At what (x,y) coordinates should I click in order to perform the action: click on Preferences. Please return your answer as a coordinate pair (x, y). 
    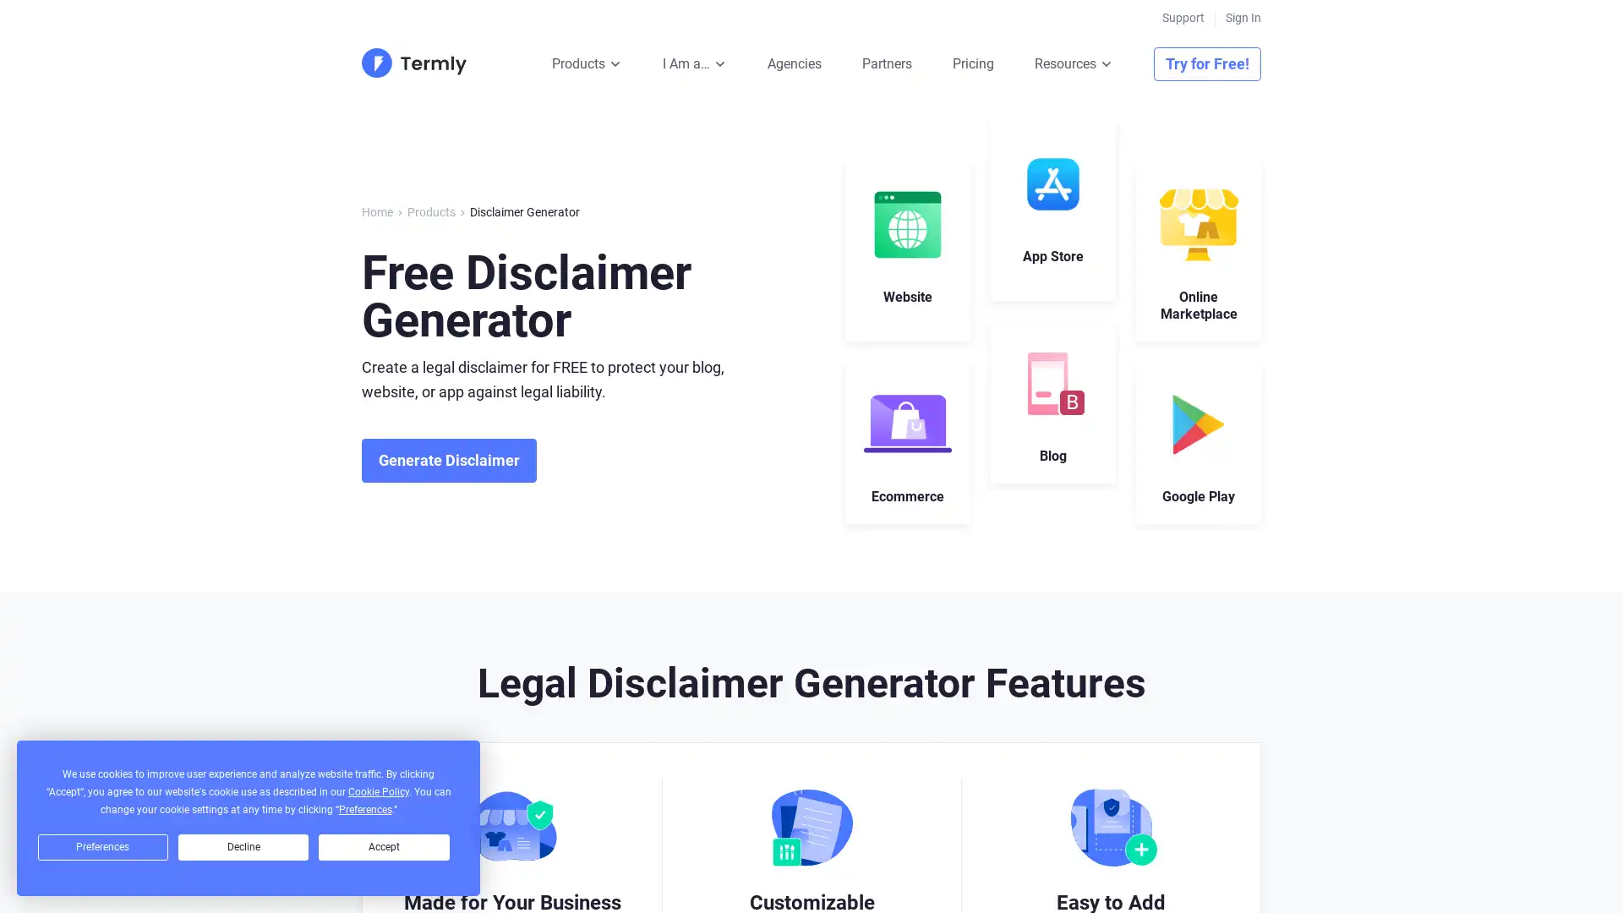
    Looking at the image, I should click on (101, 847).